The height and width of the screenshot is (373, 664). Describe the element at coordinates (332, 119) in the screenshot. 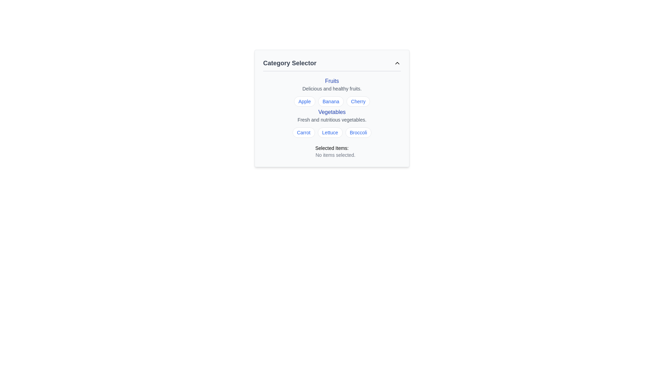

I see `the text label displaying 'Fresh and nutritious vegetables.' which is located below the title 'Vegetables'` at that location.